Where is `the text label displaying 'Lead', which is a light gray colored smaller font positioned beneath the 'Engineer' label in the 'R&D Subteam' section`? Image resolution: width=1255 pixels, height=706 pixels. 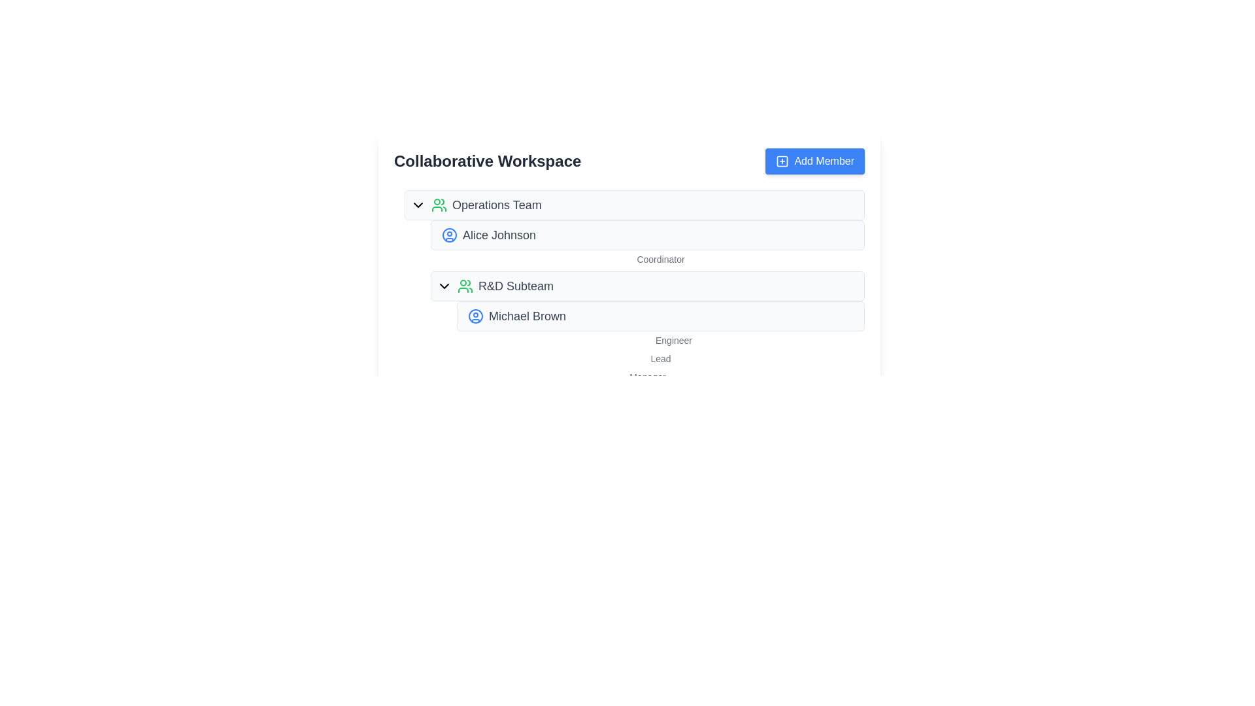 the text label displaying 'Lead', which is a light gray colored smaller font positioned beneath the 'Engineer' label in the 'R&D Subteam' section is located at coordinates (661, 358).